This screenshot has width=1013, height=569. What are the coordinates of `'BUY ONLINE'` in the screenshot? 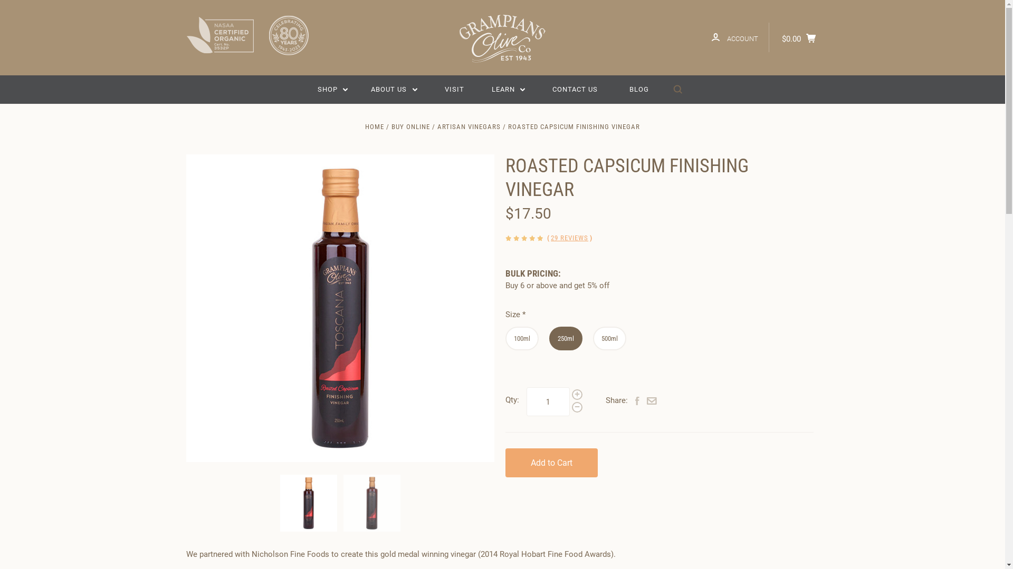 It's located at (391, 126).